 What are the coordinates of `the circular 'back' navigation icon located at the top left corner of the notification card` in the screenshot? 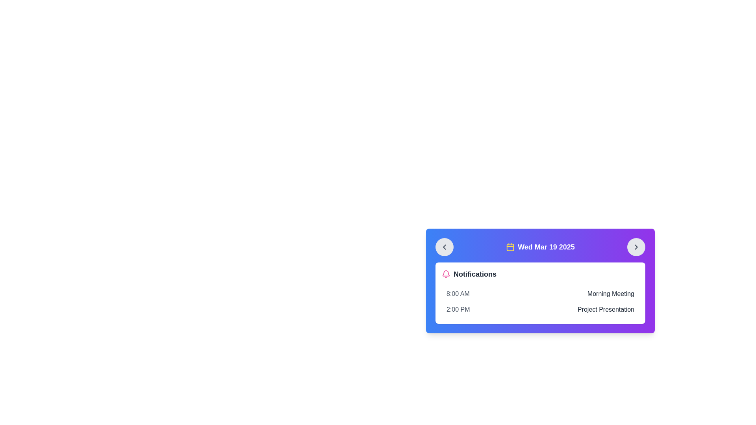 It's located at (444, 247).